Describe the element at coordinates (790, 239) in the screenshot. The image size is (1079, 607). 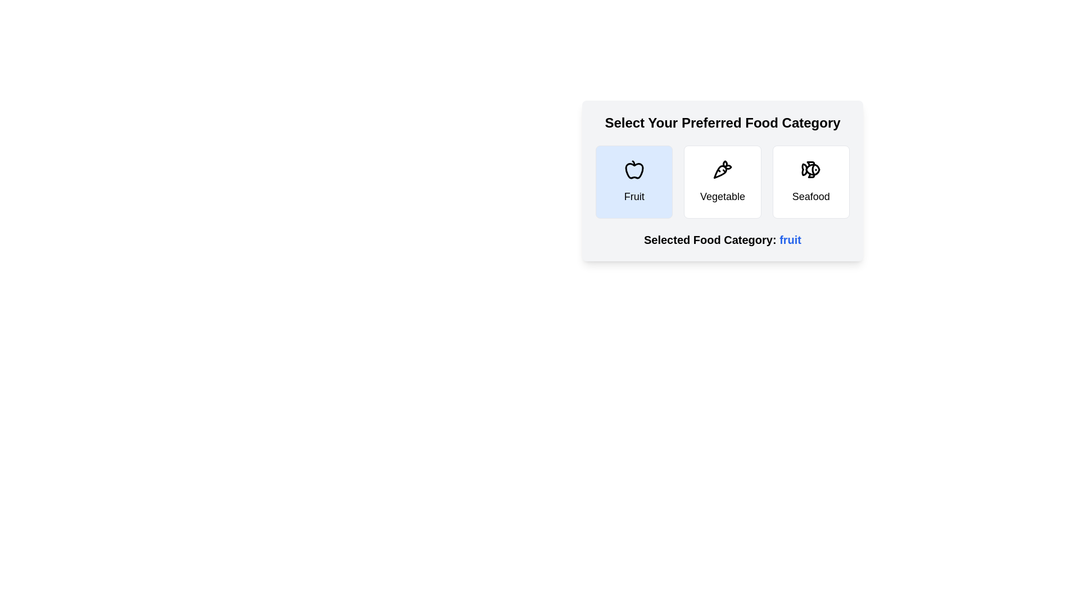
I see `currently displayed static text indicating the selected food category, which appears at the end of the phrase 'Selected Food Category:' in the bottom-right of a card-like component` at that location.